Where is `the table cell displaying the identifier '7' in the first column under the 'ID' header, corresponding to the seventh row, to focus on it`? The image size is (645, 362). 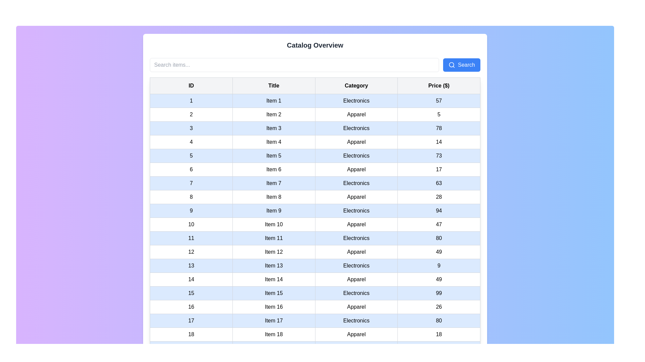
the table cell displaying the identifier '7' in the first column under the 'ID' header, corresponding to the seventh row, to focus on it is located at coordinates (191, 183).